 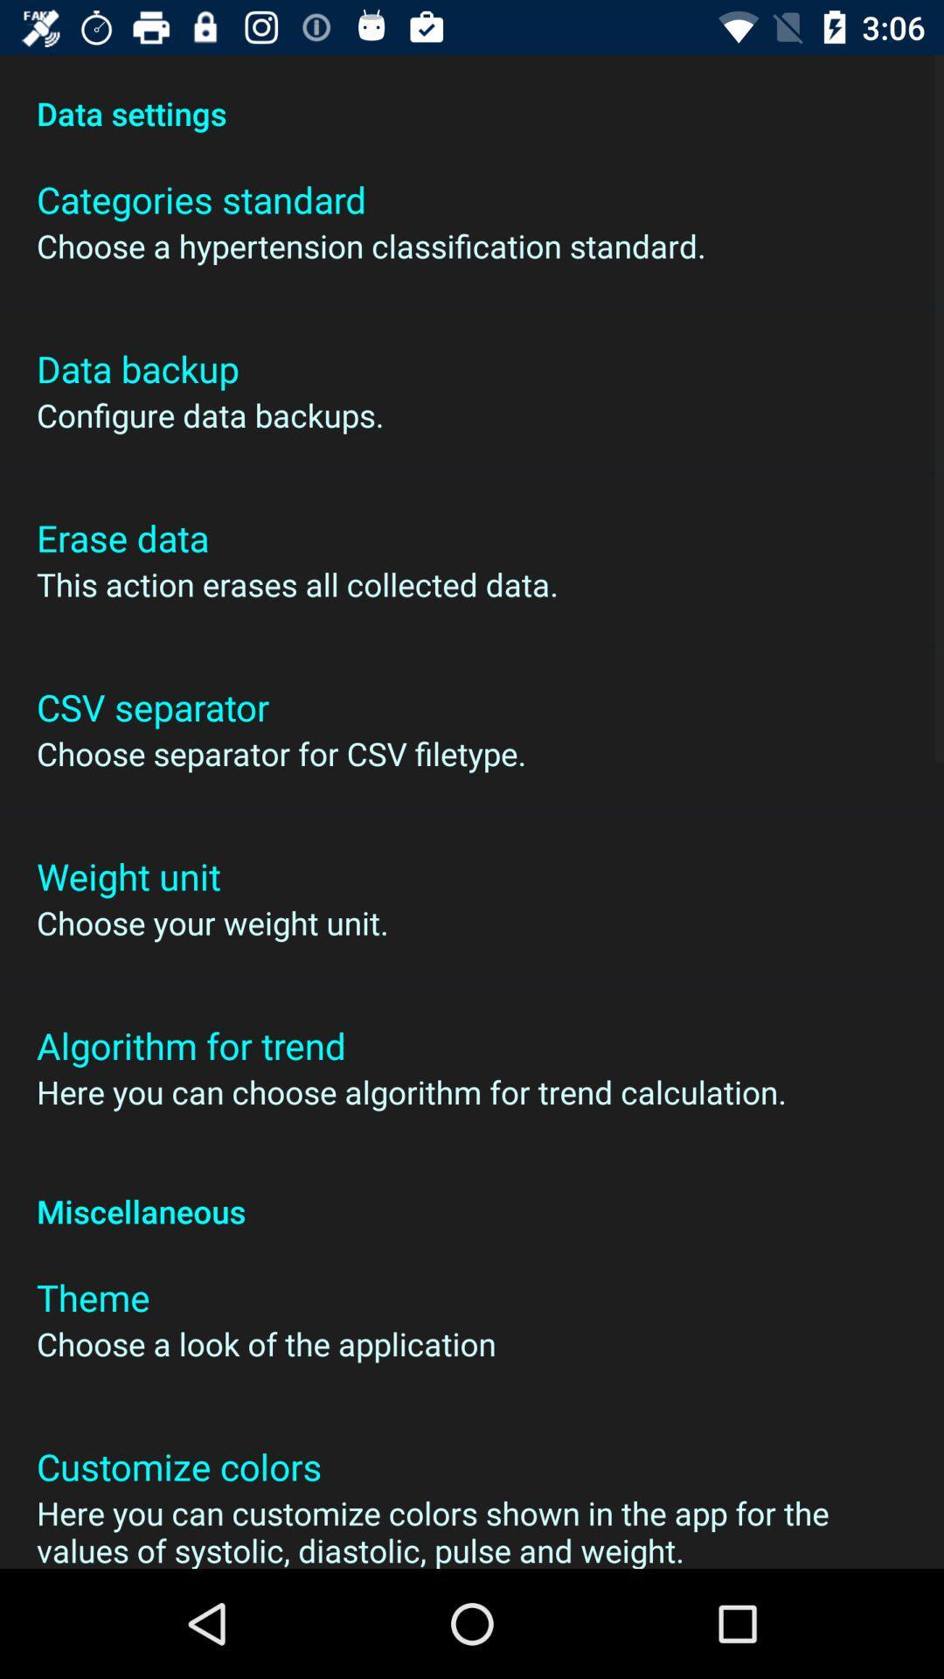 I want to click on the app below miscellaneous icon, so click(x=93, y=1297).